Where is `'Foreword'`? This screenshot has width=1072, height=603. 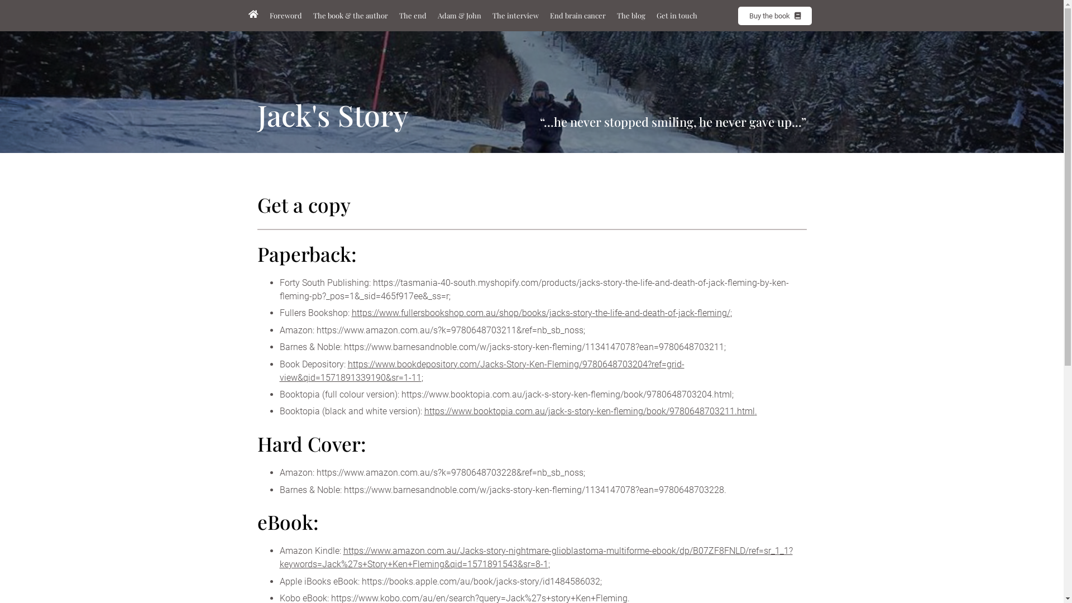
'Foreword' is located at coordinates (285, 15).